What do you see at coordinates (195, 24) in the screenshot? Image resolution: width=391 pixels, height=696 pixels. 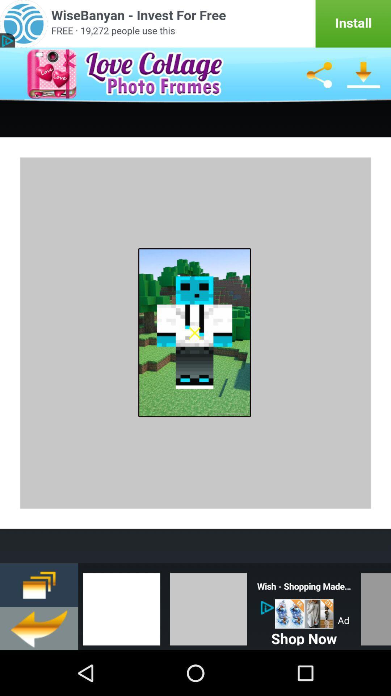 I see `open advertisement` at bounding box center [195, 24].